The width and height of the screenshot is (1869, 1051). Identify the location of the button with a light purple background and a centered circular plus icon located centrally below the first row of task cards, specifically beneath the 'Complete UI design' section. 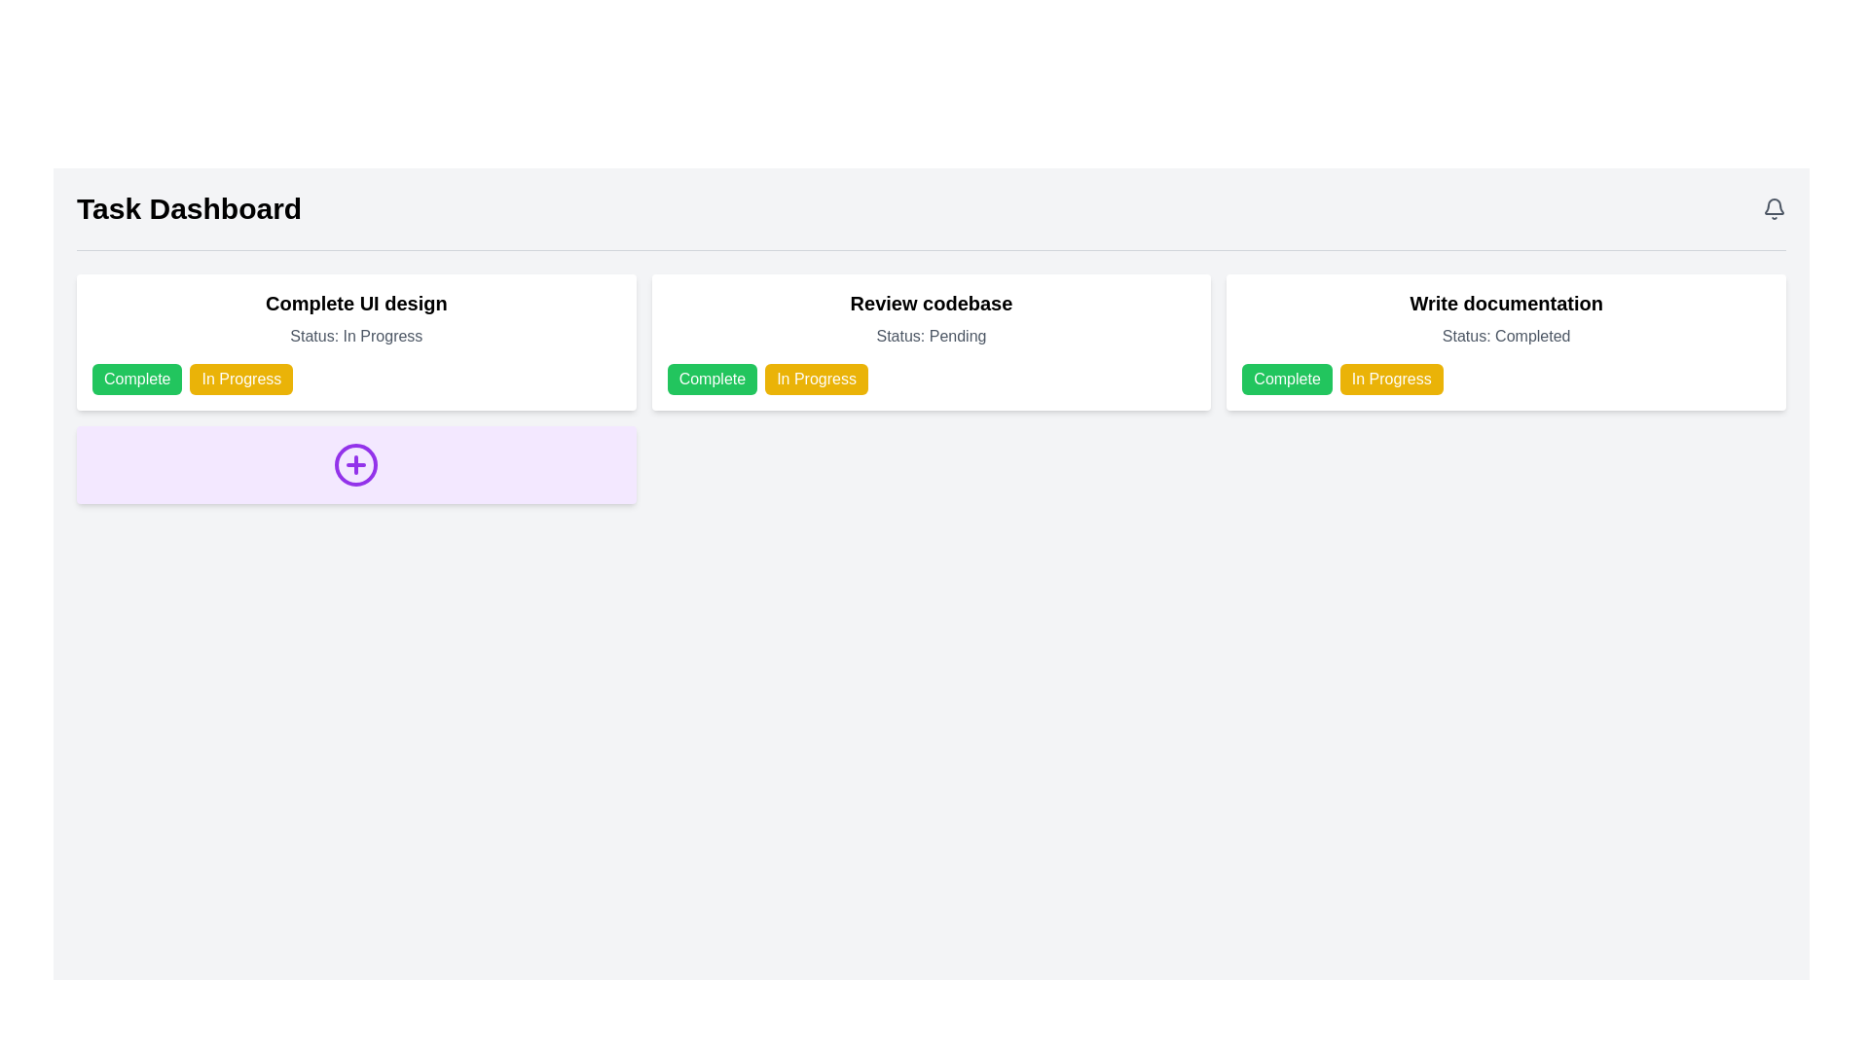
(356, 465).